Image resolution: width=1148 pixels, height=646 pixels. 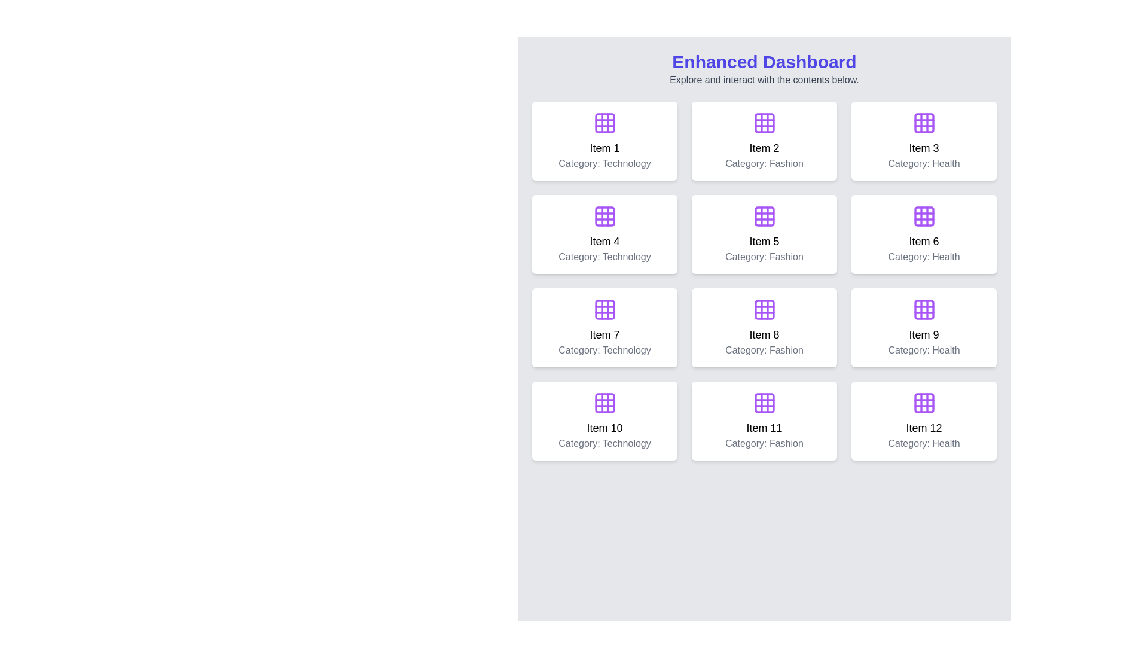 I want to click on the Card element displaying 'Item 10' in the grid layout, so click(x=604, y=420).